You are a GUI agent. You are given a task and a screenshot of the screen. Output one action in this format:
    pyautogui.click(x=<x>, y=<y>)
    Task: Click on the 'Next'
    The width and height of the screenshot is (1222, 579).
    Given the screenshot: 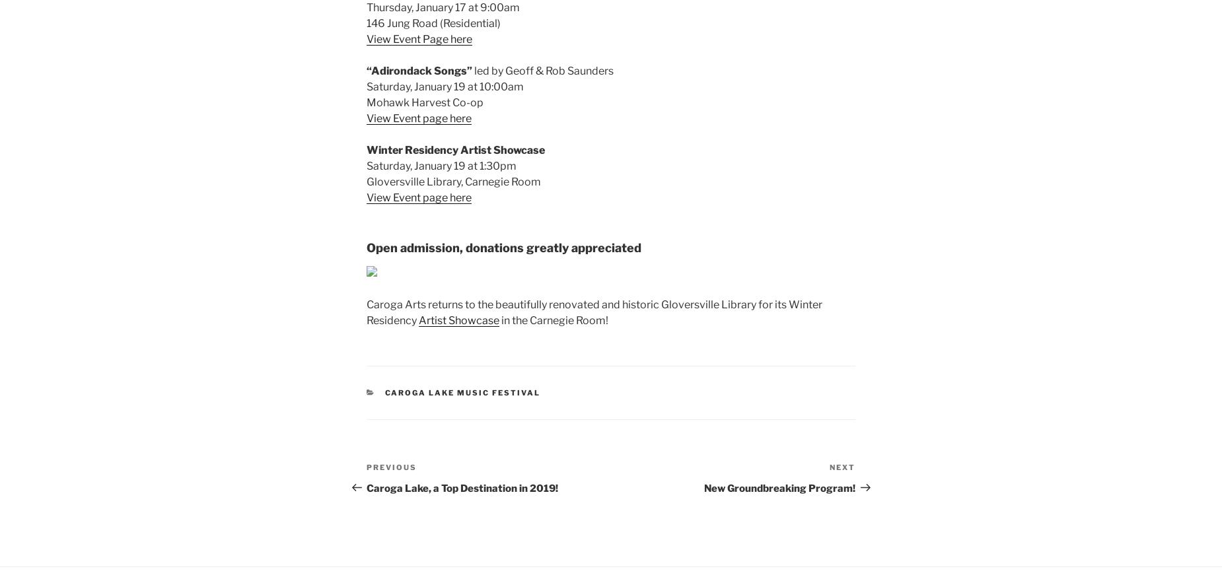 What is the action you would take?
    pyautogui.click(x=842, y=467)
    